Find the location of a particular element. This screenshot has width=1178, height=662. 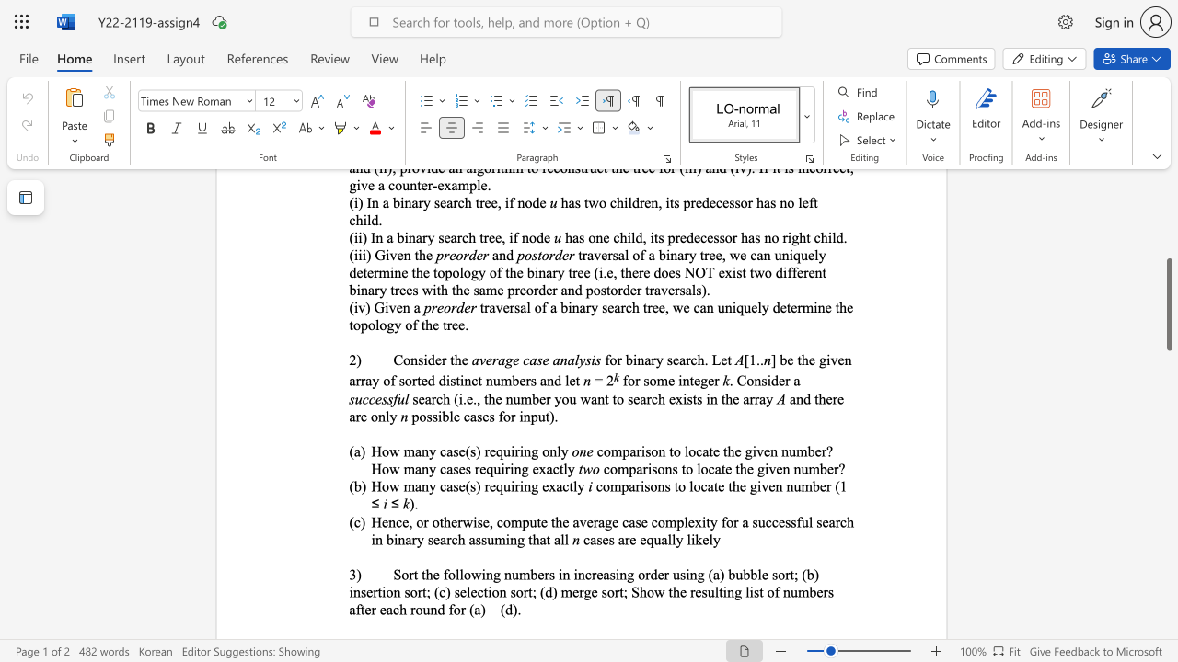

the scrollbar and move up 350 pixels is located at coordinates (1168, 303).